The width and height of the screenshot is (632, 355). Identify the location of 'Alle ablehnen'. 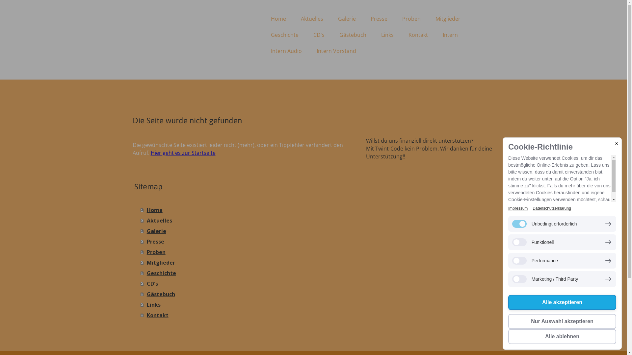
(562, 336).